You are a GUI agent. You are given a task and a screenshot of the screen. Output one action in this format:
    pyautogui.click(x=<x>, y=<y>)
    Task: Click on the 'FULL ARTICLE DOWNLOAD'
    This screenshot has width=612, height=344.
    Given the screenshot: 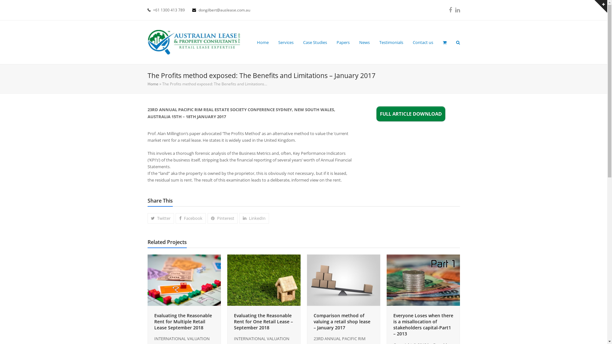 What is the action you would take?
    pyautogui.click(x=411, y=113)
    